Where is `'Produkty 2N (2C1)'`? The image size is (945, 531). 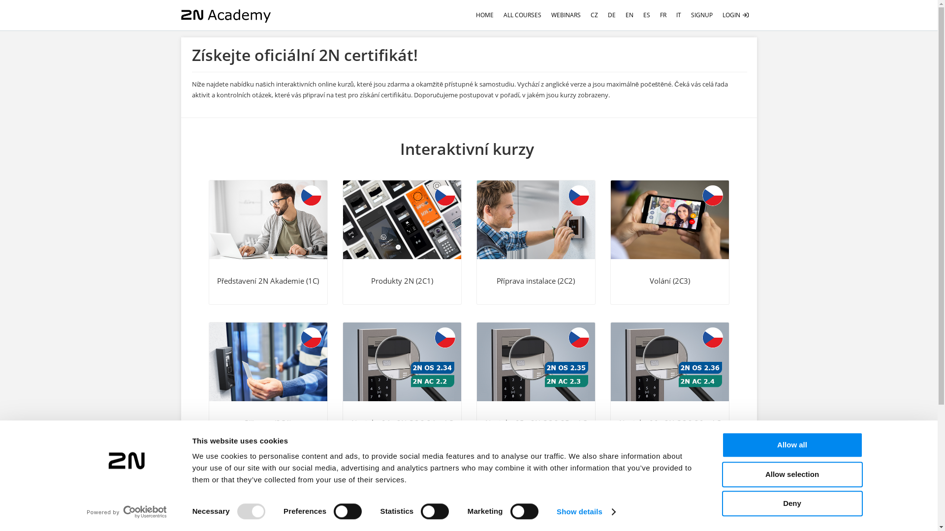
'Produkty 2N (2C1)' is located at coordinates (343, 219).